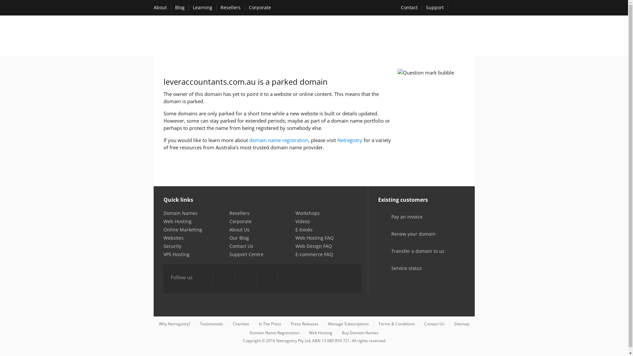 The width and height of the screenshot is (633, 356). I want to click on 'Workshops', so click(307, 213).